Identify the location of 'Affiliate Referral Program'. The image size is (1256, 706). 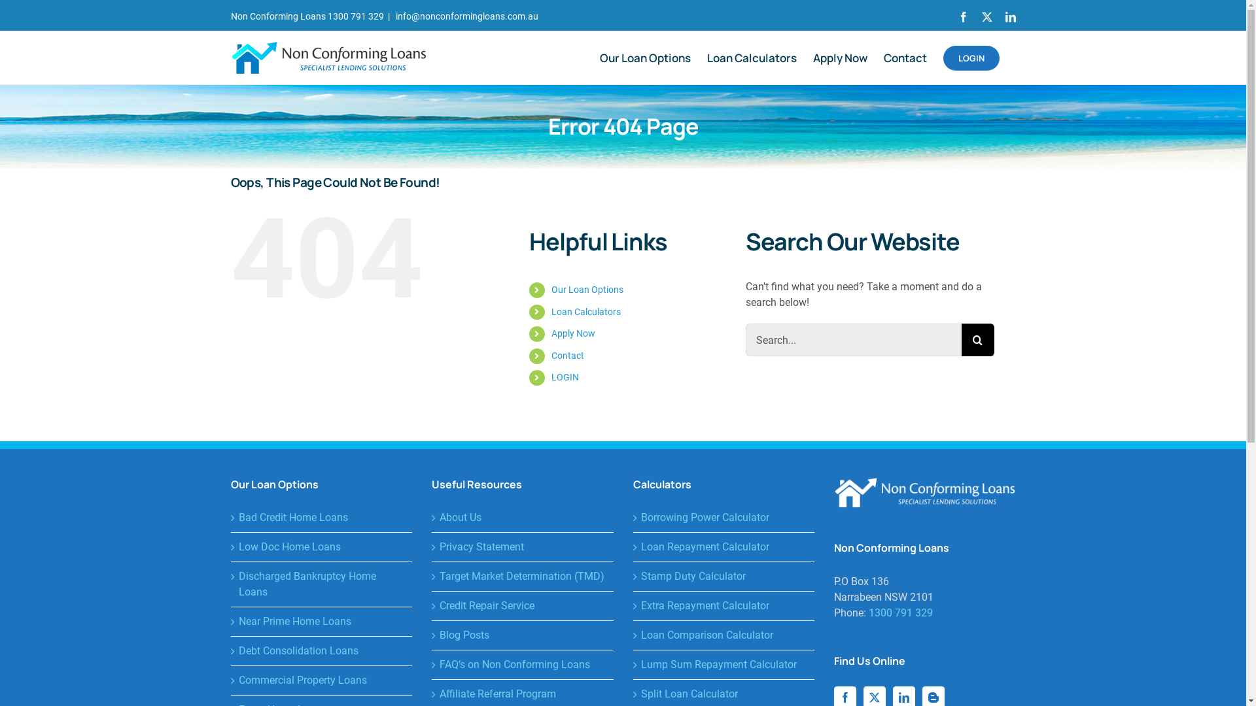
(523, 693).